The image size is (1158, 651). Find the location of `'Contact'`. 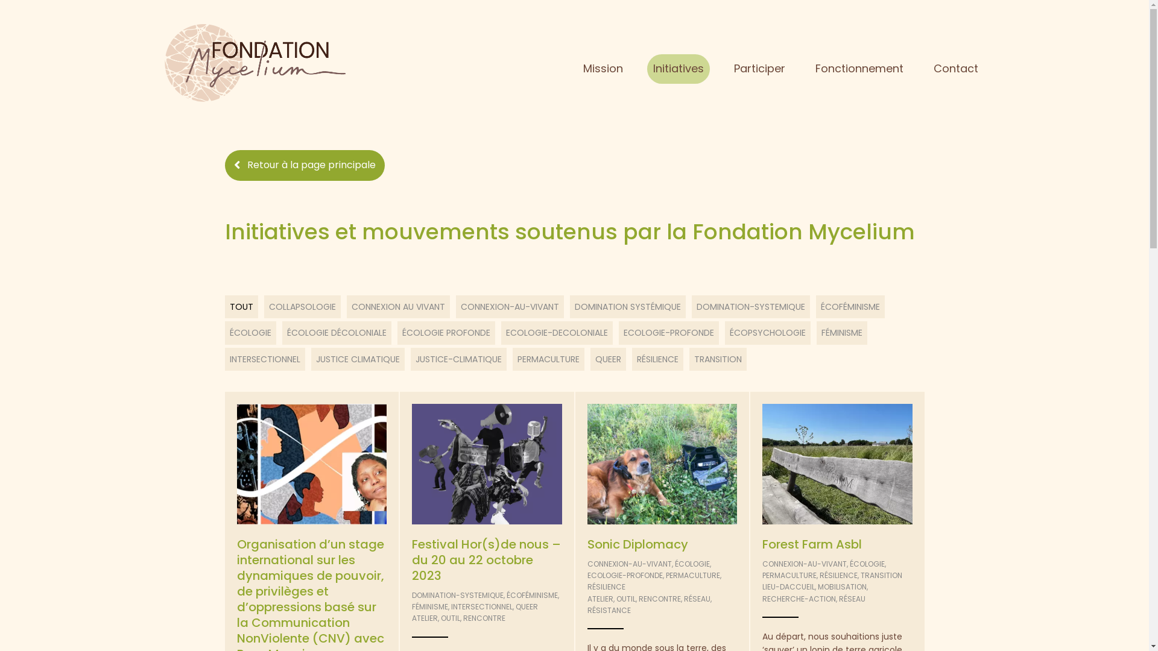

'Contact' is located at coordinates (955, 69).